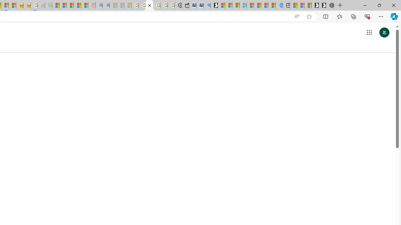 Image resolution: width=401 pixels, height=225 pixels. I want to click on 'Wallet', so click(185, 5).